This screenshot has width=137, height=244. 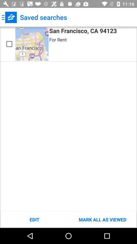 What do you see at coordinates (32, 44) in the screenshot?
I see `the icon to the left of san francisco ca icon` at bounding box center [32, 44].